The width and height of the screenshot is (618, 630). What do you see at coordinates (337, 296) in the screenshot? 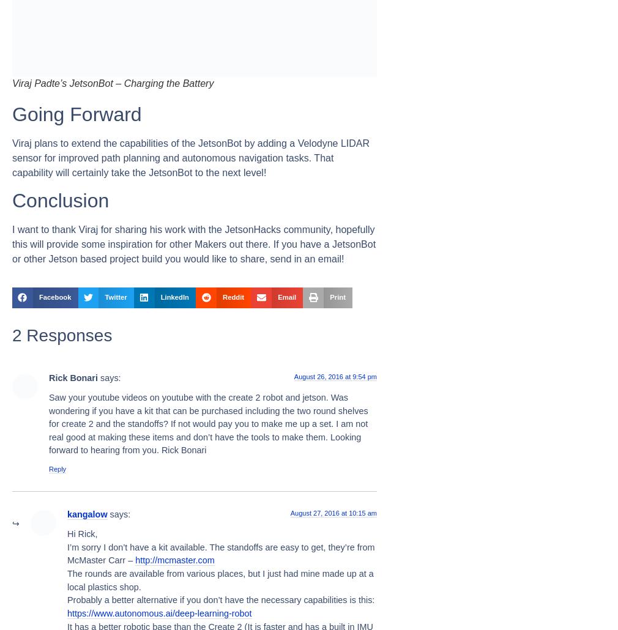
I see `'Print'` at bounding box center [337, 296].